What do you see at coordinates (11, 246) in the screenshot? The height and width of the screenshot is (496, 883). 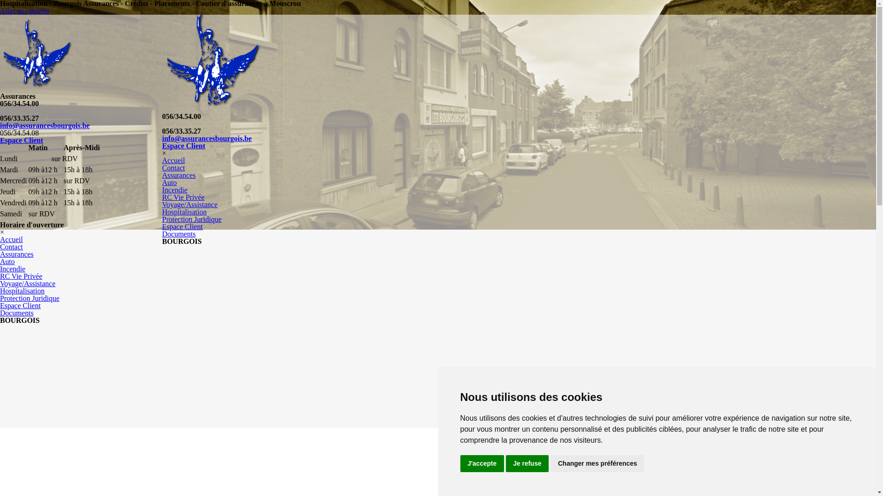 I see `'Contact'` at bounding box center [11, 246].